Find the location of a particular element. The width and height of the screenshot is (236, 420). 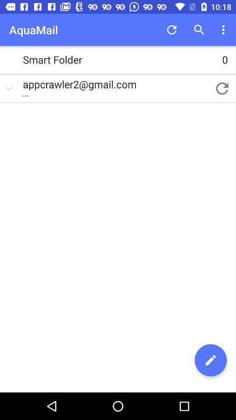

the item above the smart folder item is located at coordinates (224, 30).